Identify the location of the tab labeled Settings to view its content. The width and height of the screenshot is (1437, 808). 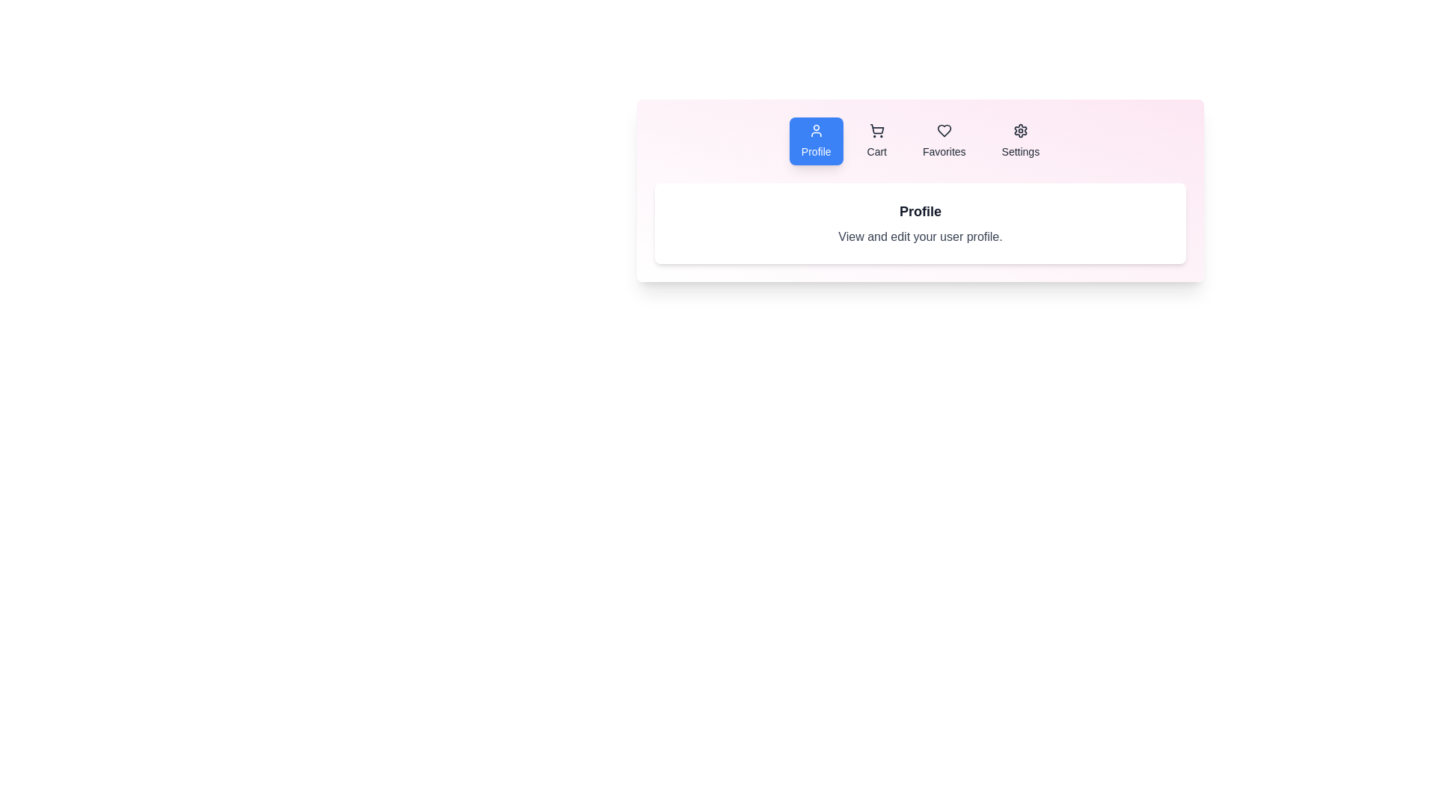
(1019, 141).